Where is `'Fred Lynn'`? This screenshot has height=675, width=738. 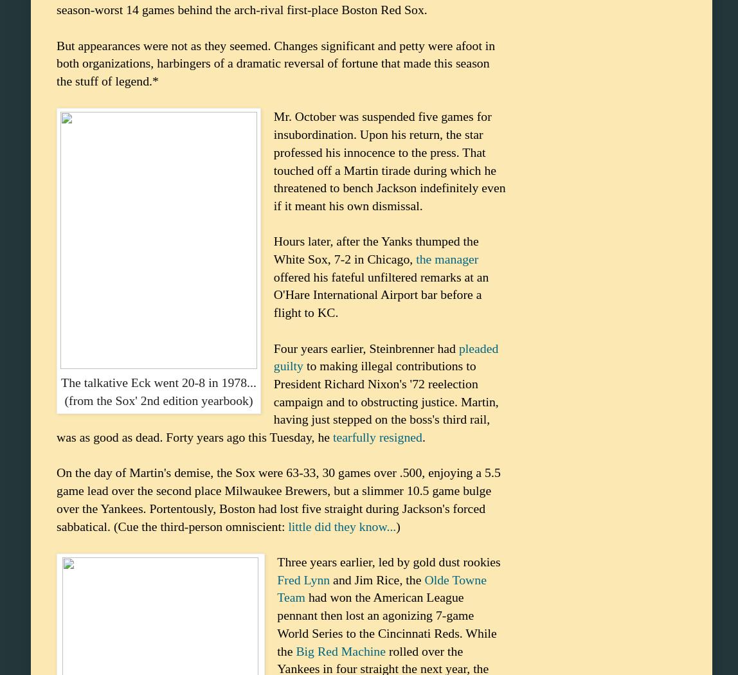
'Fred Lynn' is located at coordinates (276, 579).